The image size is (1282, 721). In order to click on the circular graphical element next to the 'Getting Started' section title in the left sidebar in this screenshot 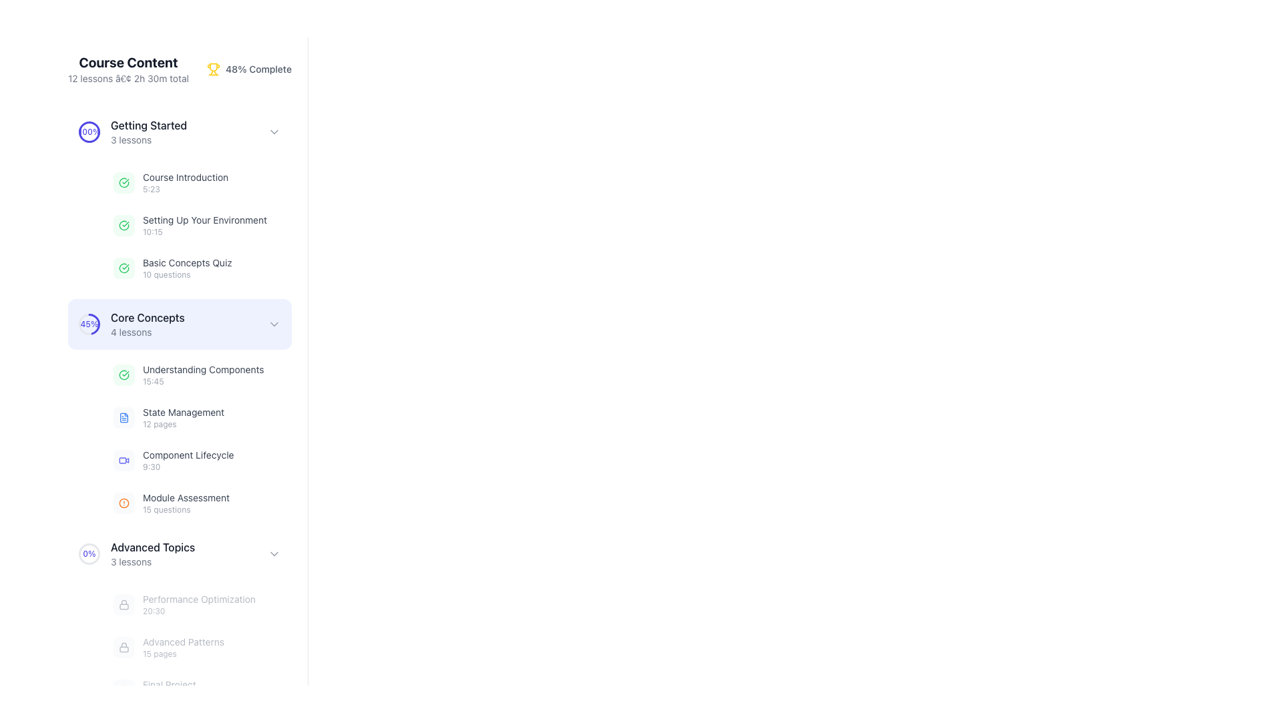, I will do `click(89, 132)`.